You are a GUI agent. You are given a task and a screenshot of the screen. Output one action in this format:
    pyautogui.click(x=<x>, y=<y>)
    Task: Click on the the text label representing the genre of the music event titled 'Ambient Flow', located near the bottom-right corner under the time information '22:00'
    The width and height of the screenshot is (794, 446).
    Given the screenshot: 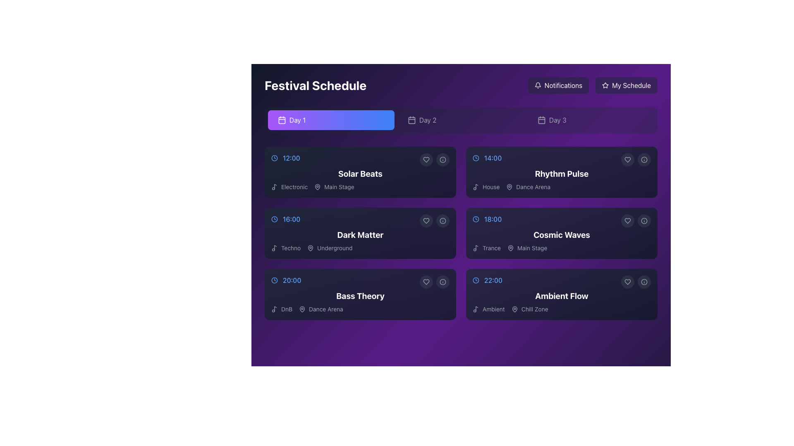 What is the action you would take?
    pyautogui.click(x=493, y=309)
    